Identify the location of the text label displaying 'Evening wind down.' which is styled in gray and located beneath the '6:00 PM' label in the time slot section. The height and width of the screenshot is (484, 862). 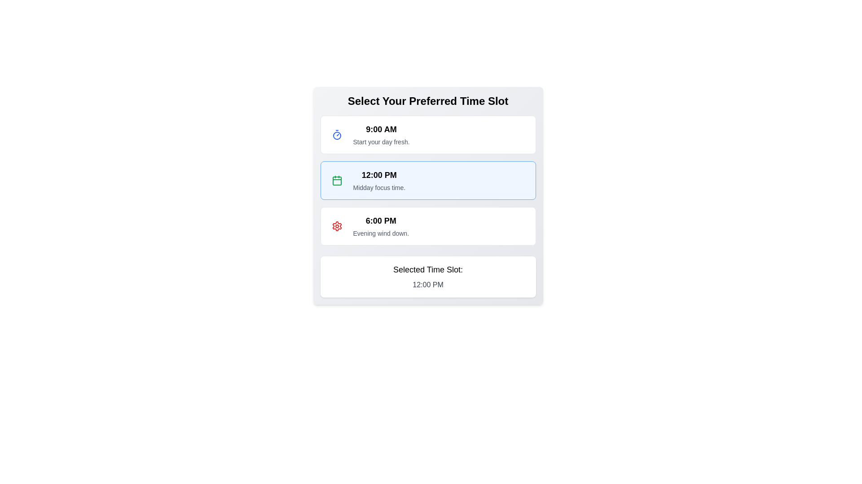
(381, 233).